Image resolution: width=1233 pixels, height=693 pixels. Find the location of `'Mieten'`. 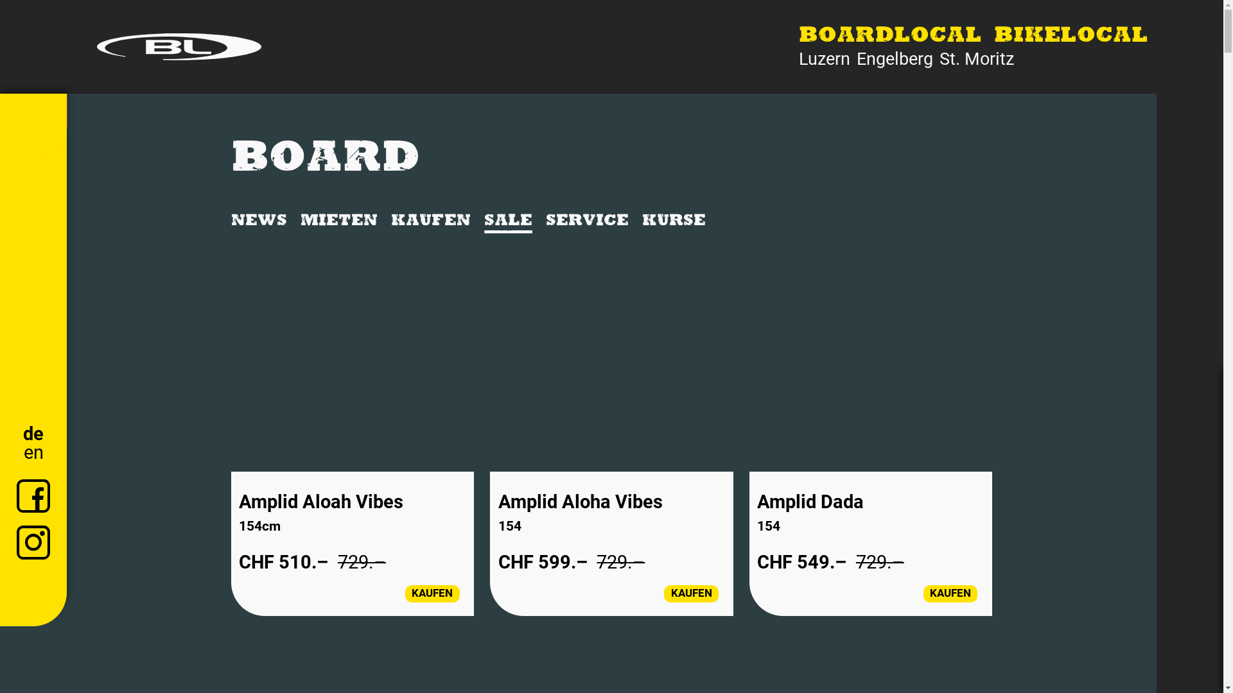

'Mieten' is located at coordinates (339, 221).